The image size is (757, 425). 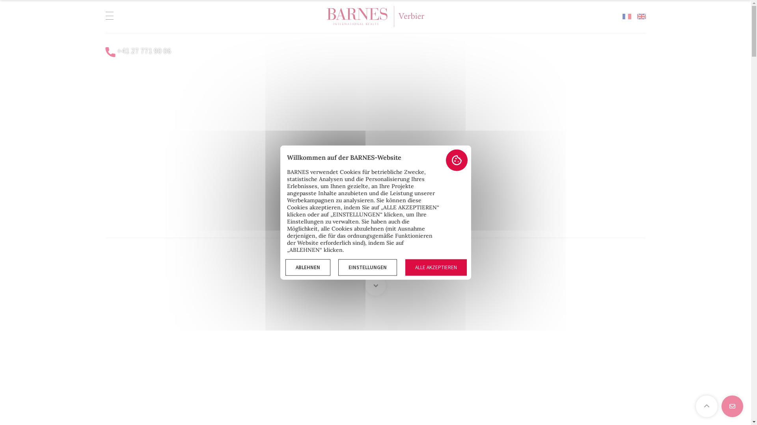 What do you see at coordinates (435, 267) in the screenshot?
I see `'ALLE AKZEPTIEREN'` at bounding box center [435, 267].